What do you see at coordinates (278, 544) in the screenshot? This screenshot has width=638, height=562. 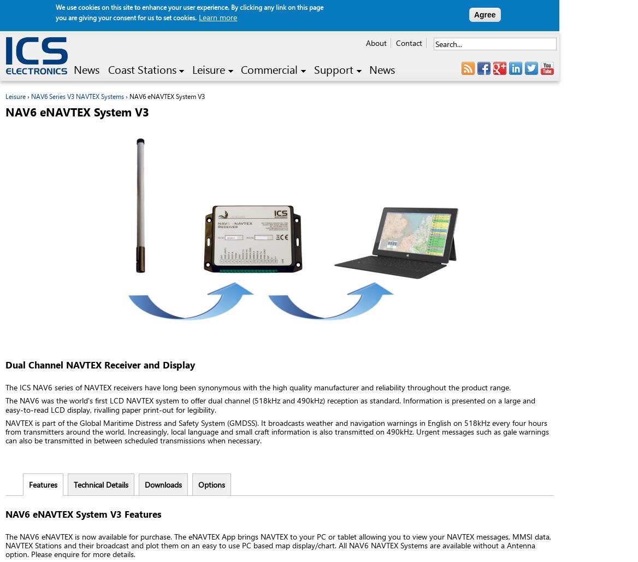 I see `'The NAV6 eNAVTEX is now available for purchase. The eNAVTEX App brings NAVTEX to your PC or tablet allowing you to view your NAVTEX messages, MMSI data, NAVTEX Stations and their broadcast and plot them on an easy to use PC based map display/chart. All NAV6 NAVTEX Systems are available without a Antenna option. Please enquire for more details.'` at bounding box center [278, 544].